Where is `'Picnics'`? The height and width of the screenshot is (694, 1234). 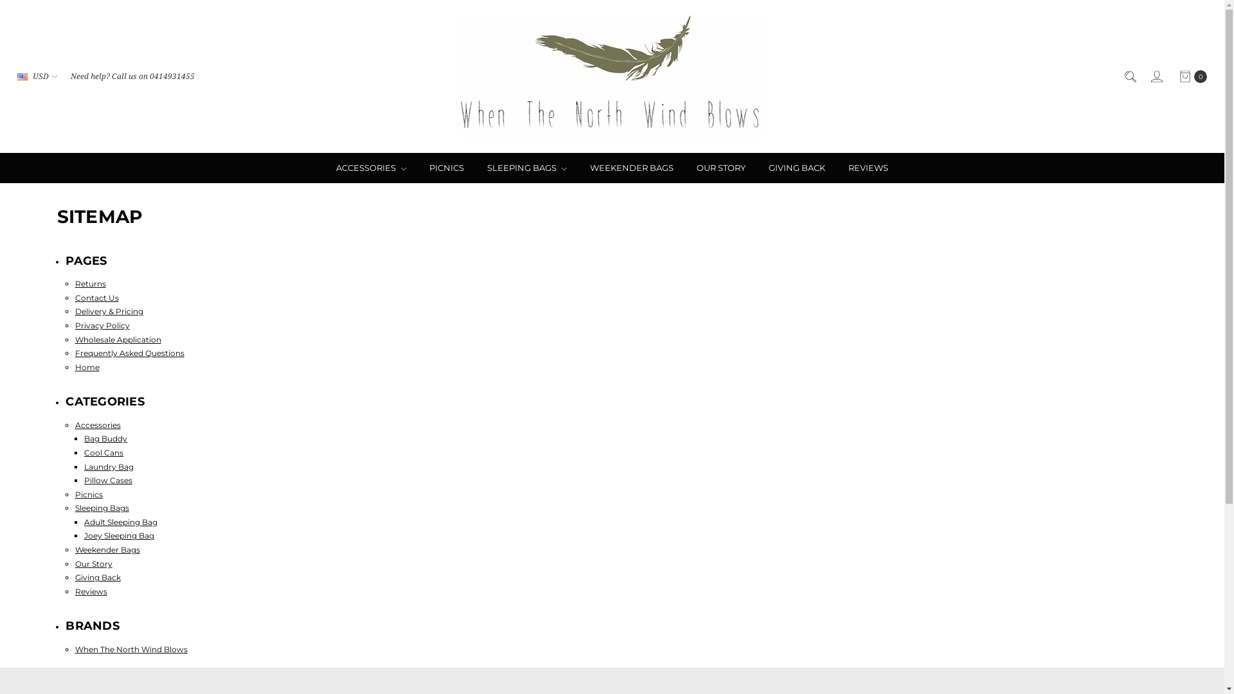 'Picnics' is located at coordinates (88, 494).